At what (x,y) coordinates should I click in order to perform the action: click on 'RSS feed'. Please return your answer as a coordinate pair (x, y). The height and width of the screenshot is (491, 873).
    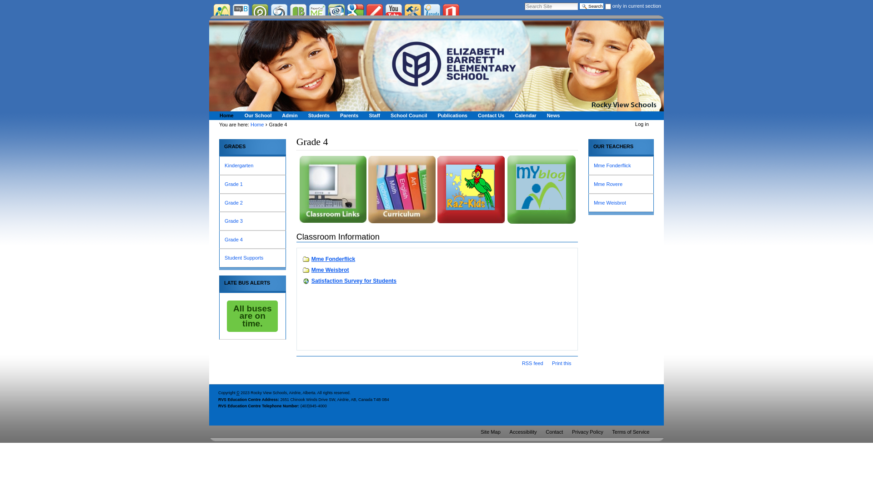
    Looking at the image, I should click on (532, 362).